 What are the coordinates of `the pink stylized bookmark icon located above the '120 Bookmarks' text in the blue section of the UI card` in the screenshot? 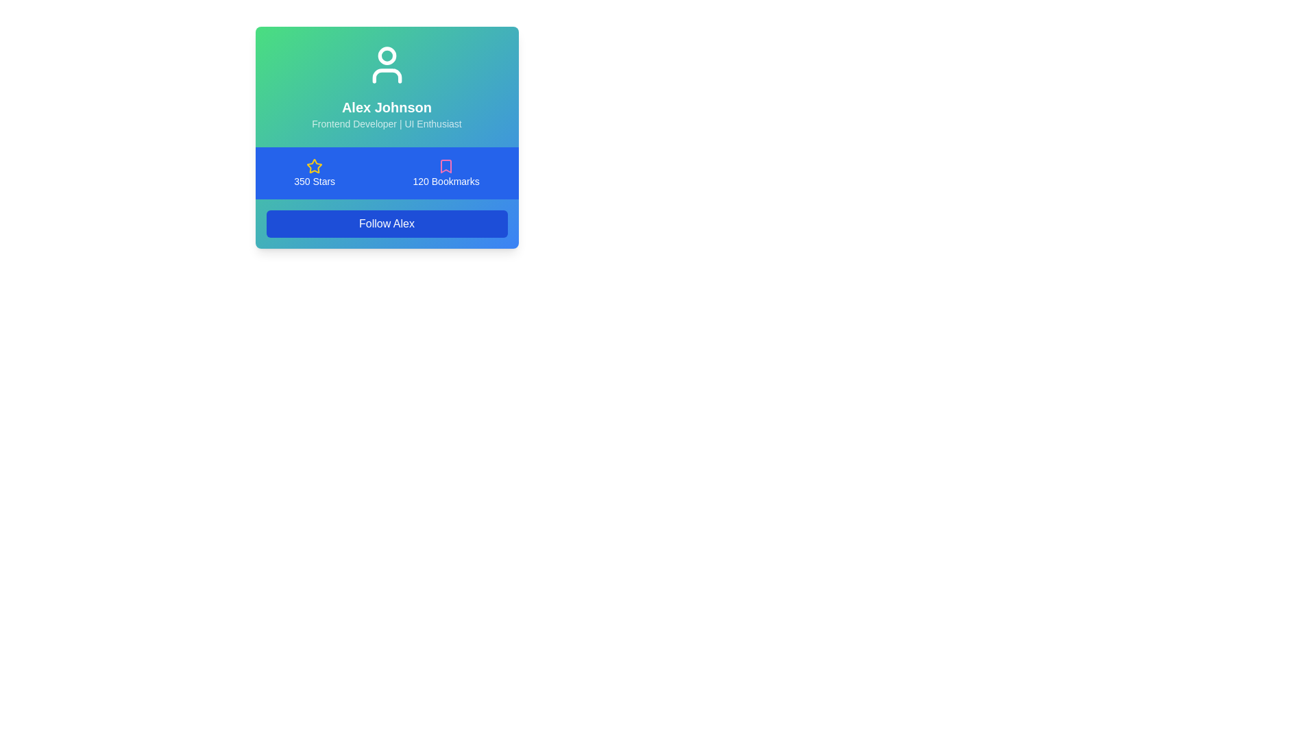 It's located at (446, 166).